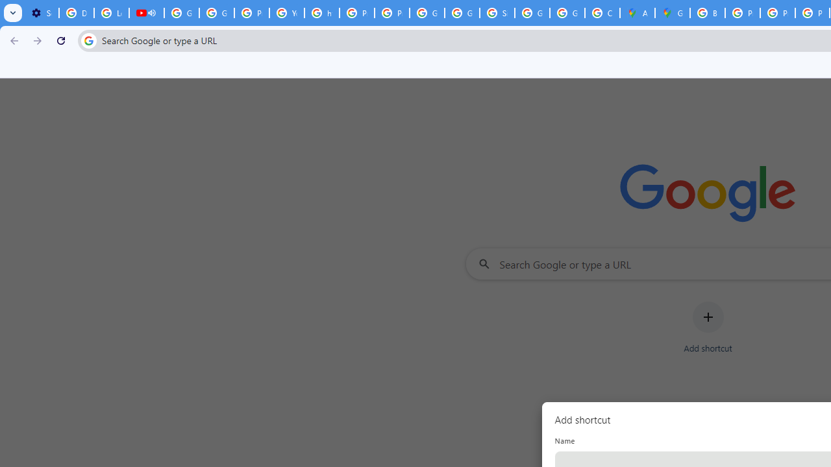 The height and width of the screenshot is (467, 831). Describe the element at coordinates (181, 13) in the screenshot. I see `'Google Account Help'` at that location.